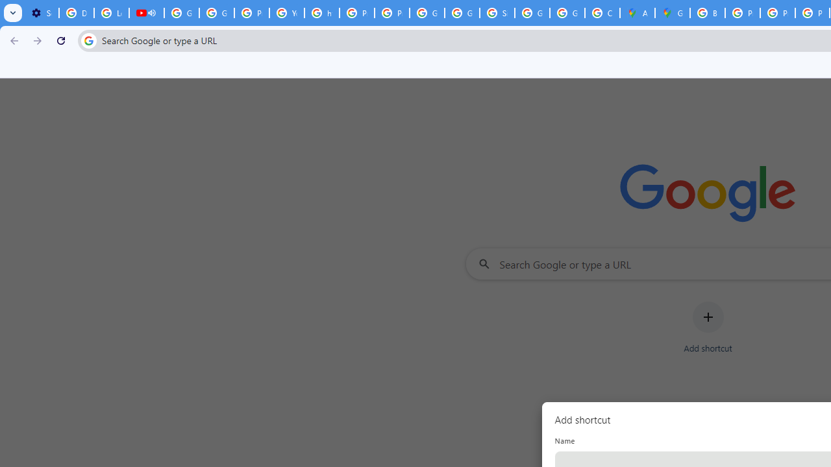 The height and width of the screenshot is (467, 831). Describe the element at coordinates (181, 13) in the screenshot. I see `'Google Account Help'` at that location.